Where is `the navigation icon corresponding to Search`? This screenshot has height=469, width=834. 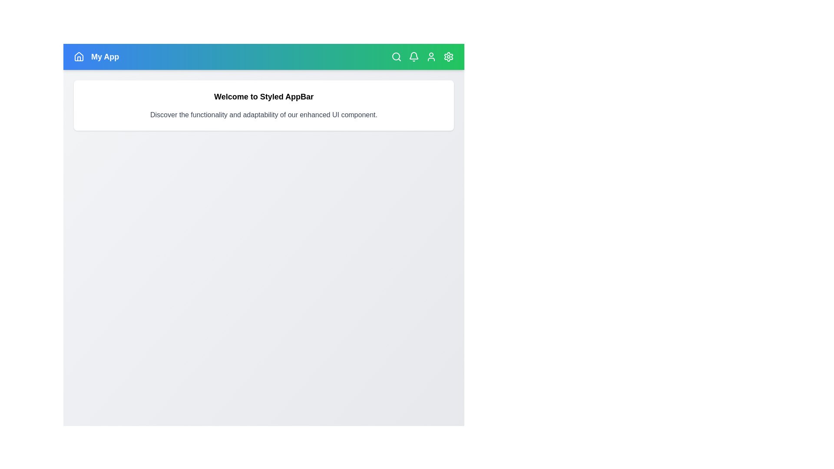
the navigation icon corresponding to Search is located at coordinates (396, 57).